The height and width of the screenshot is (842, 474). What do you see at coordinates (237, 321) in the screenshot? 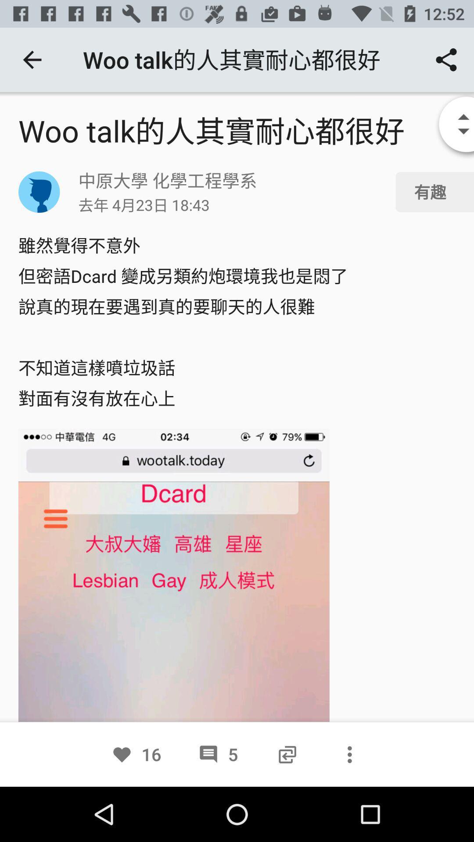
I see `the icon at the center` at bounding box center [237, 321].